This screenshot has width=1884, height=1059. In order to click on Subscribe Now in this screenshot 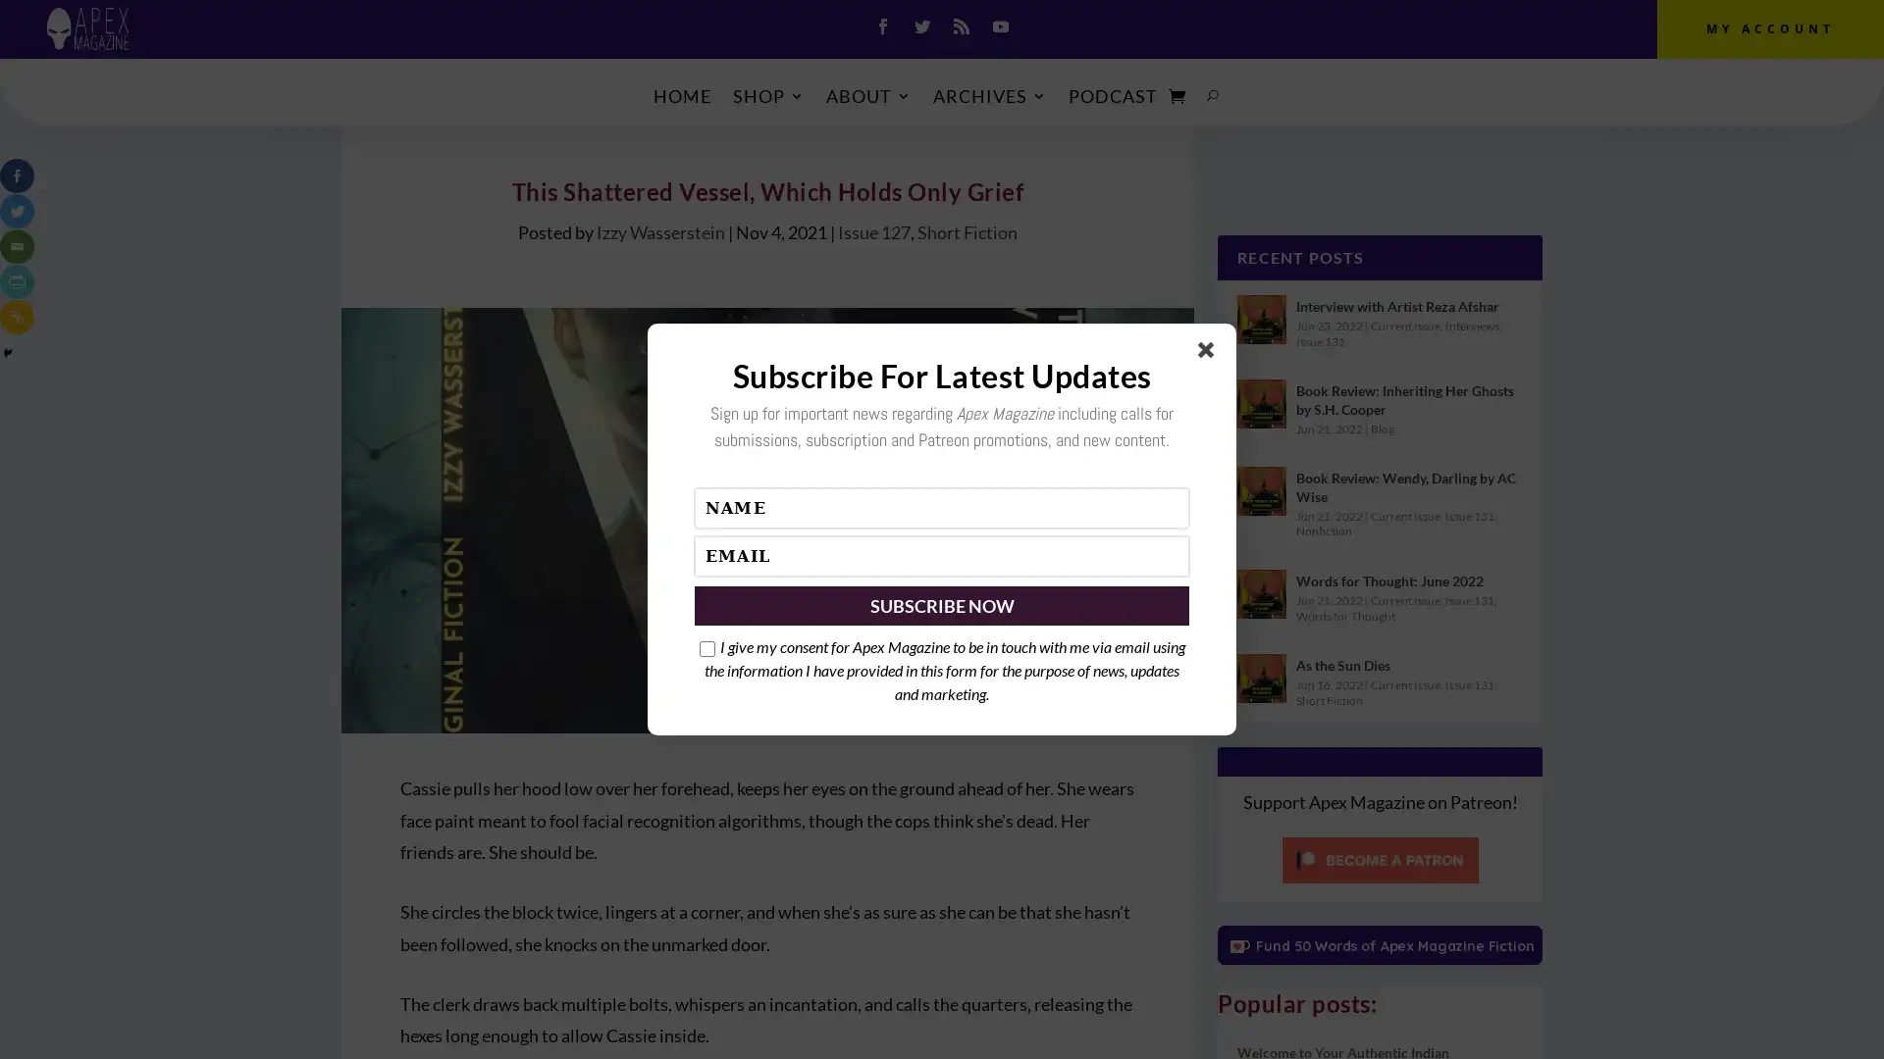, I will do `click(942, 604)`.